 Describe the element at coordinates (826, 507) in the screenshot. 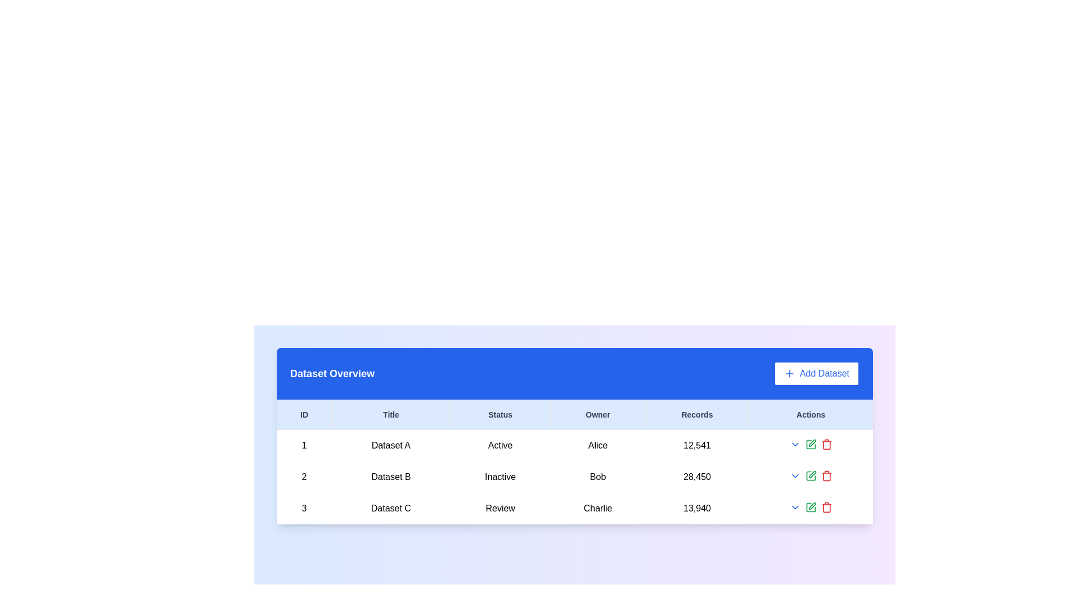

I see `the delete icon button in the Actions column of the third row in the table` at that location.